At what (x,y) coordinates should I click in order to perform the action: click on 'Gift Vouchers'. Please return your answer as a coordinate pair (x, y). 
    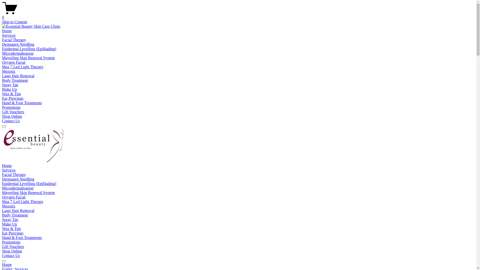
    Looking at the image, I should click on (2, 111).